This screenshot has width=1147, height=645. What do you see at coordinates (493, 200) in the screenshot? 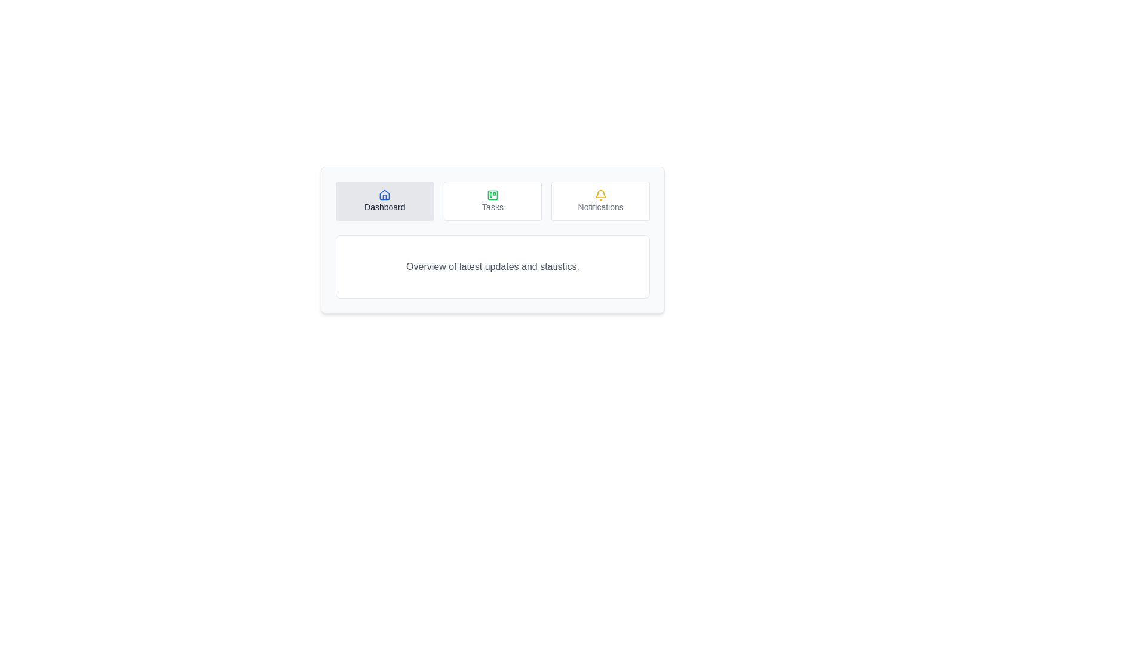
I see `the Tasks tab button to see its hover effect` at bounding box center [493, 200].